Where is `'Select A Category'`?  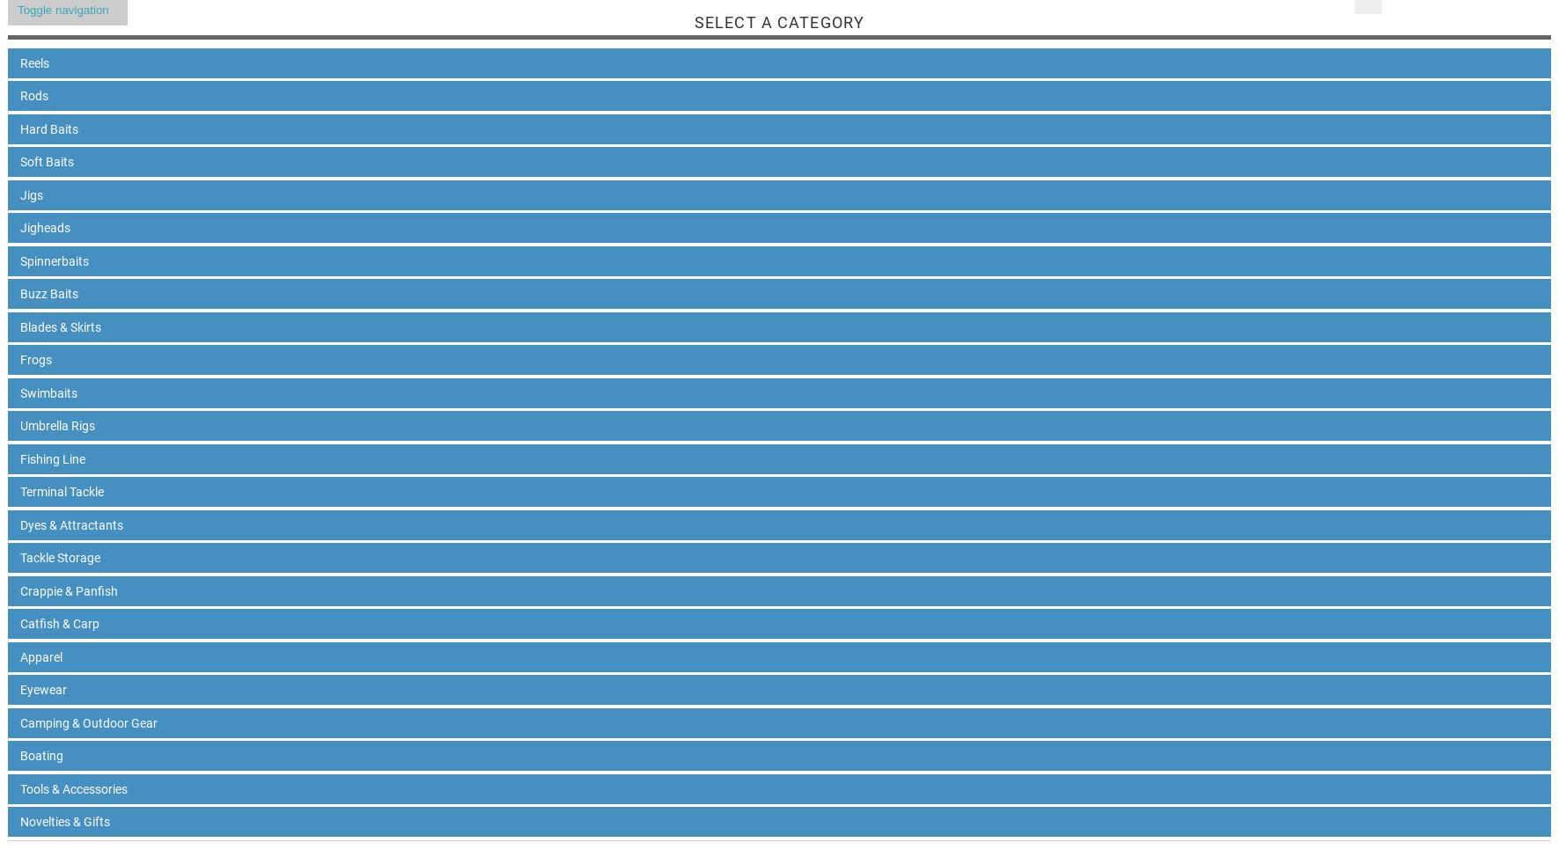 'Select A Category' is located at coordinates (692, 22).